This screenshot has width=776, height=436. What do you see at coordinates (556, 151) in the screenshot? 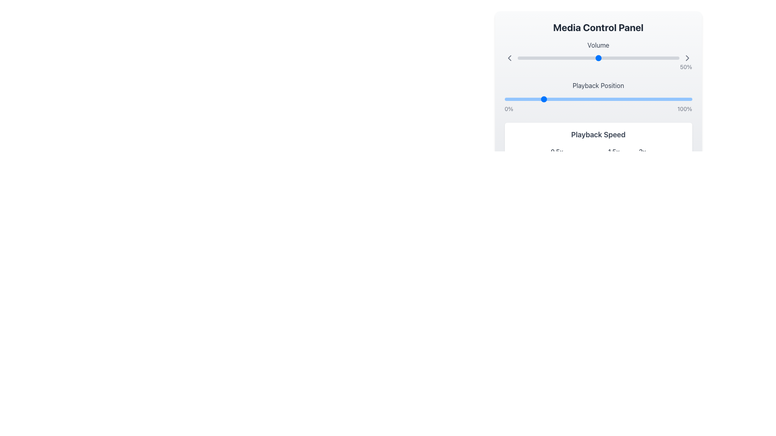
I see `the text label displaying '0.5x' in the Playback Speed section of the Media Control Panel` at bounding box center [556, 151].